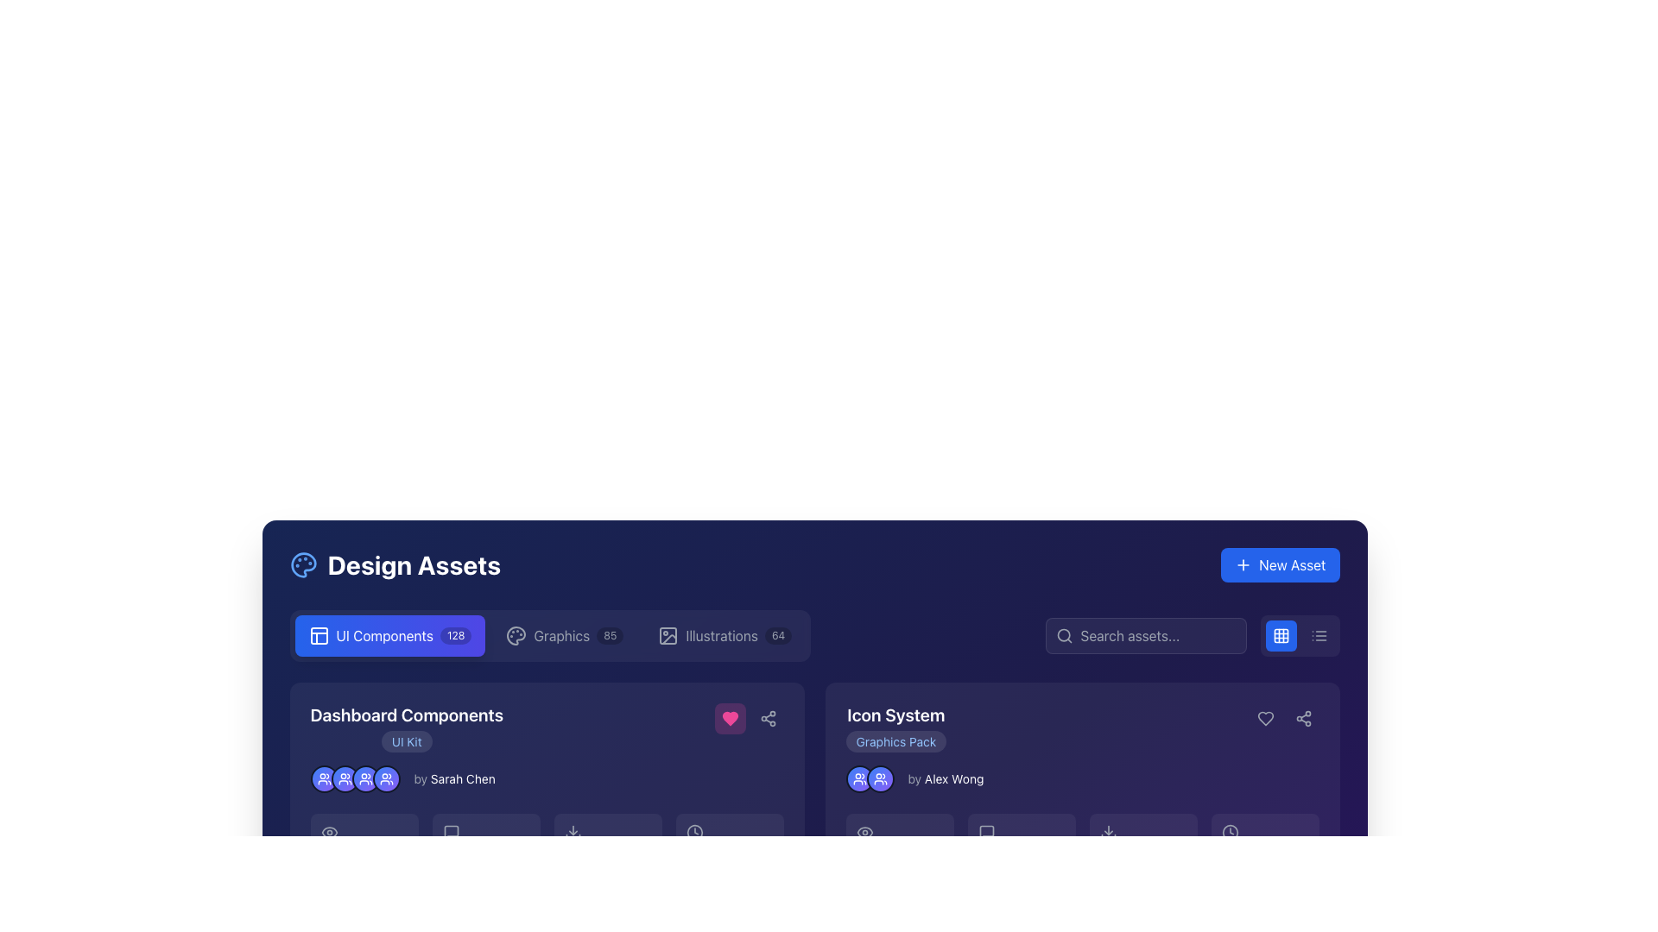 The image size is (1658, 932). Describe the element at coordinates (364, 778) in the screenshot. I see `the fourth circular avatar with a gradient background transitioning from blue to violet, featuring a white icon of a group of people and a gray border` at that location.